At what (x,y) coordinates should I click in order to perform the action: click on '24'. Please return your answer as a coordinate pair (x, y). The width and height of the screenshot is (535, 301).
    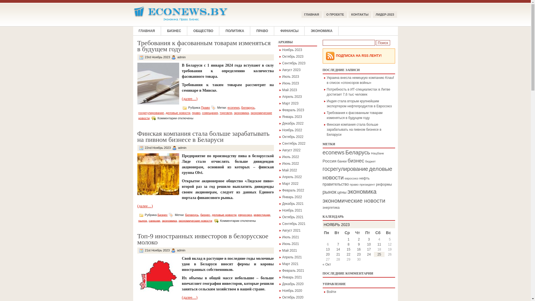
    Looking at the image, I should click on (369, 254).